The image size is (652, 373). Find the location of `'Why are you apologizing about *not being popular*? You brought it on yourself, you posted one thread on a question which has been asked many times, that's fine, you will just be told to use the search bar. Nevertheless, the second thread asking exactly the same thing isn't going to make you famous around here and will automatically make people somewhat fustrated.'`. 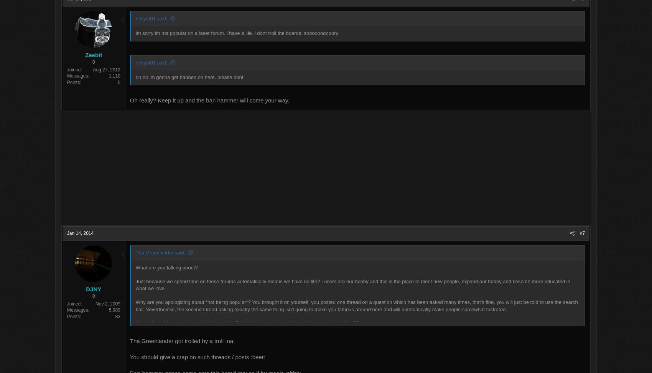

'Why are you apologizing about *not being popular*? You brought it on yourself, you posted one thread on a question which has been asked many times, that's fine, you will just be told to use the search bar. Nevertheless, the second thread asking exactly the same thing isn't going to make you famous around here and will automatically make people somewhat fustrated.' is located at coordinates (357, 309).